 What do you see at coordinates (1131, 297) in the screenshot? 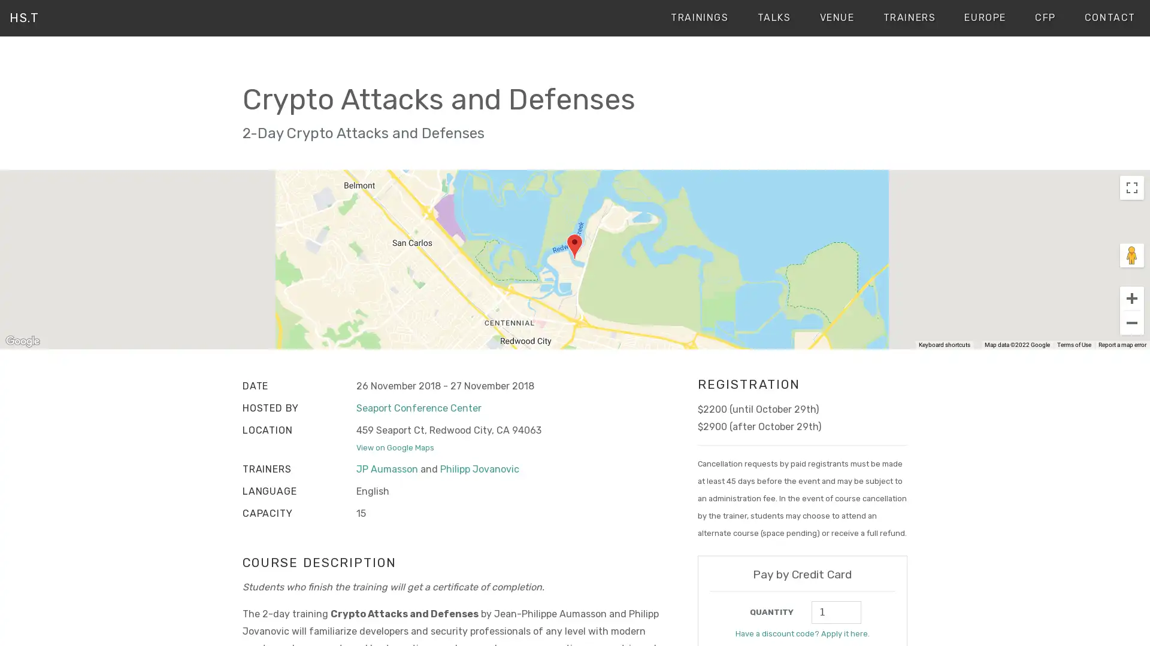
I see `Zoom in` at bounding box center [1131, 297].